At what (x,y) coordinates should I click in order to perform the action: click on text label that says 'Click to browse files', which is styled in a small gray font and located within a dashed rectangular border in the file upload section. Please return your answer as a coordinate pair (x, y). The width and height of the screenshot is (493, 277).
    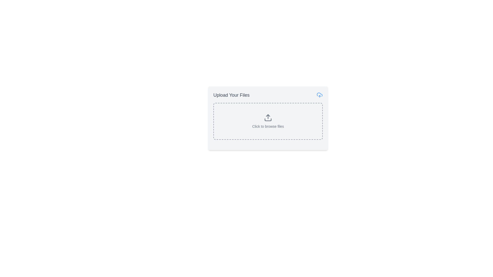
    Looking at the image, I should click on (268, 126).